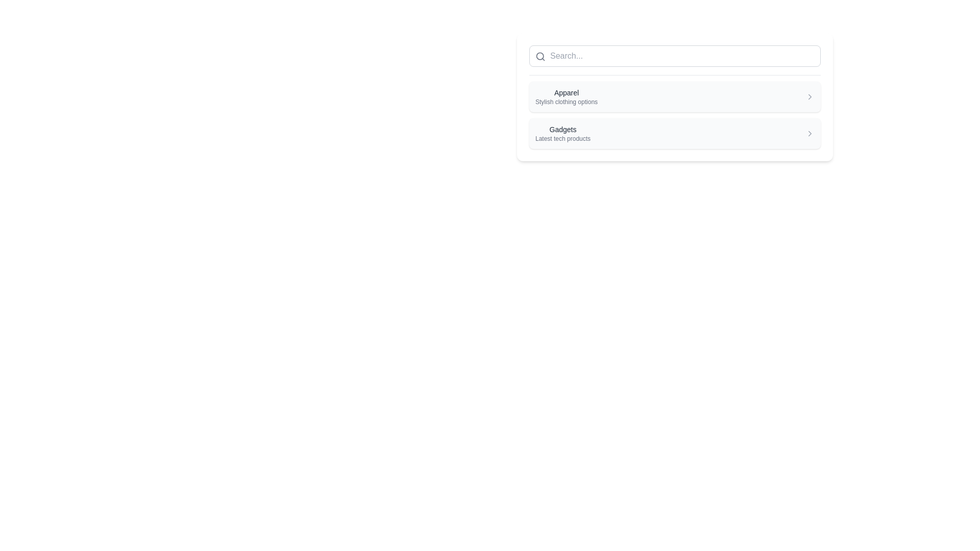 This screenshot has height=551, width=980. Describe the element at coordinates (540, 56) in the screenshot. I see `the circular shape representing the lens of the search magnifying glass in the SVG icon, located in the upper-left portion of the interface` at that location.